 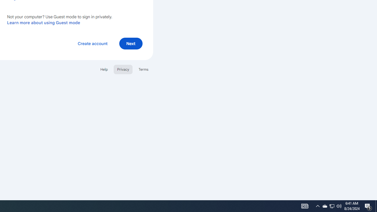 I want to click on 'Learn more about using Guest mode', so click(x=43, y=22).